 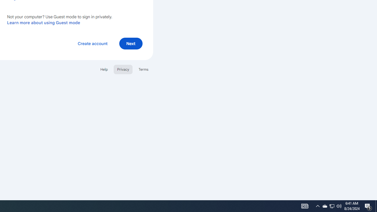 I want to click on 'Learn more about using Guest mode', so click(x=43, y=22).